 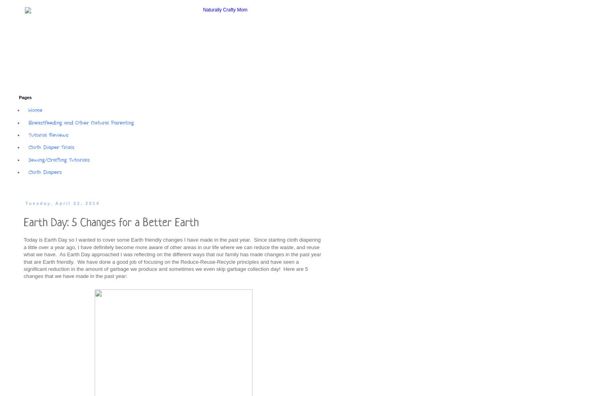 What do you see at coordinates (110, 221) in the screenshot?
I see `'Earth Day: 5 Changes for a Better Earth'` at bounding box center [110, 221].